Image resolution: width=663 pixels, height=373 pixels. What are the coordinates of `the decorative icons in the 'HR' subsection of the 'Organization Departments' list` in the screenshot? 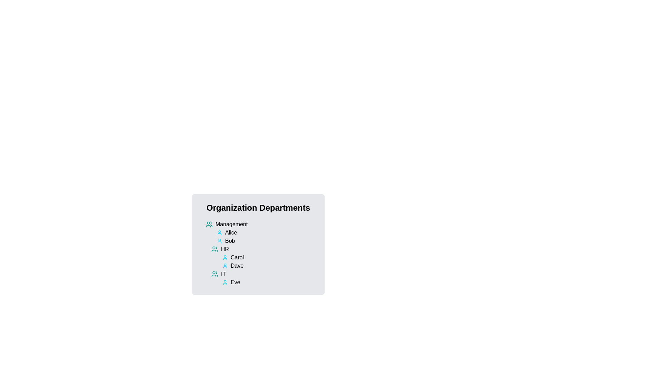 It's located at (263, 257).